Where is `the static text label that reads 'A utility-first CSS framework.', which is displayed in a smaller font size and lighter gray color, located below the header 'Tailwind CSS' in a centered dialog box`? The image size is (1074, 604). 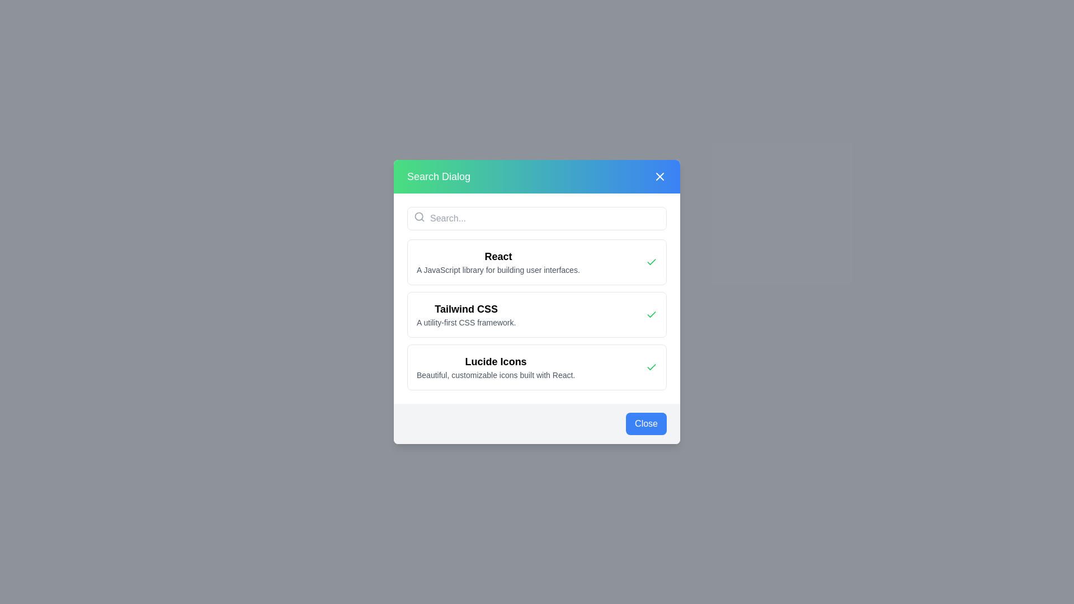
the static text label that reads 'A utility-first CSS framework.', which is displayed in a smaller font size and lighter gray color, located below the header 'Tailwind CSS' in a centered dialog box is located at coordinates (466, 323).